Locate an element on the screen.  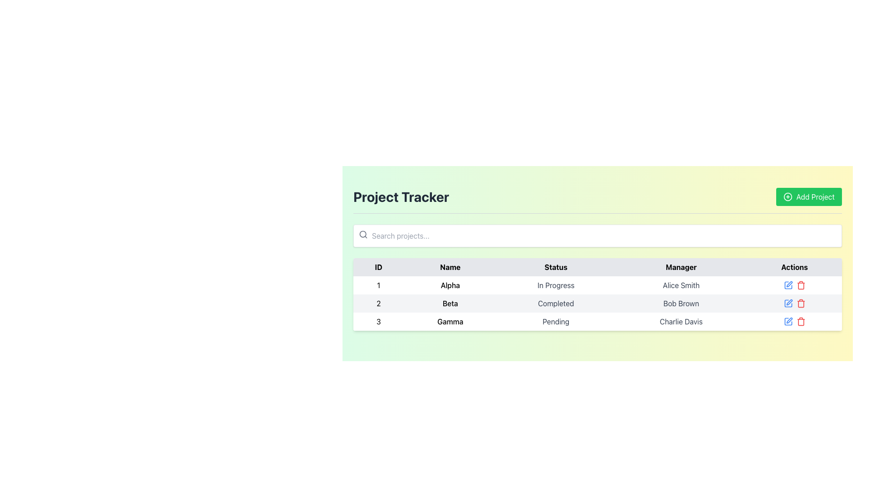
the pen-shaped edit button located in the 'Actions' column of the data table, adjacent to the red delete icon is located at coordinates (789, 320).